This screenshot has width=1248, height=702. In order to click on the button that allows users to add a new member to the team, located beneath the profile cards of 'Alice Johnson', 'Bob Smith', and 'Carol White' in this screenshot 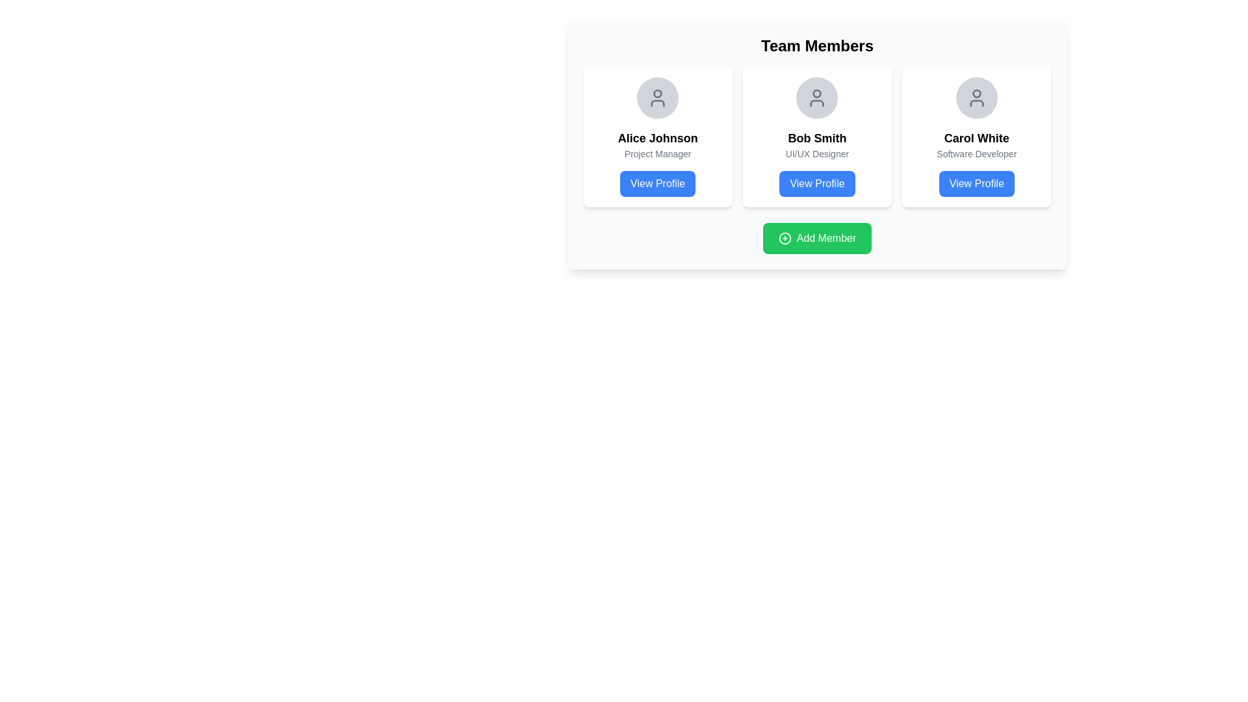, I will do `click(816, 238)`.